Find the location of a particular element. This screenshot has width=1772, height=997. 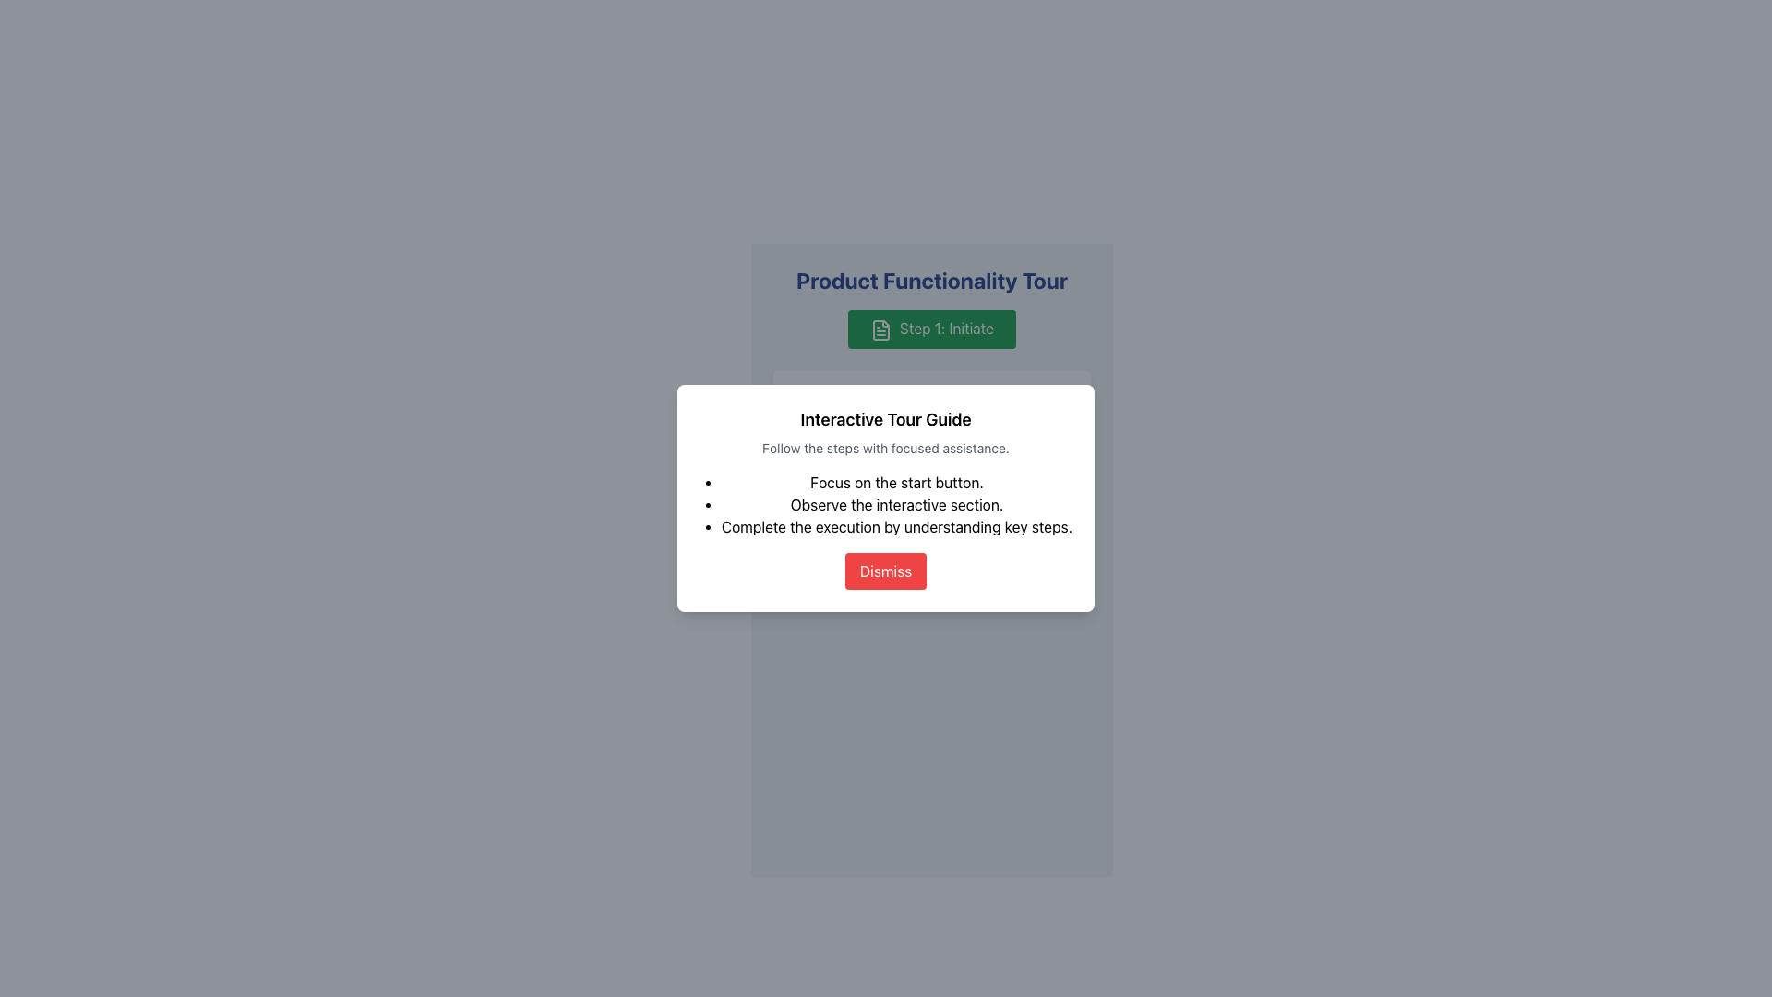

the appearance of the interactive icon located in the center area of the 'Interactive Tour Guide' pop-up card, positioned above the text description and the dismiss button is located at coordinates (931, 402).